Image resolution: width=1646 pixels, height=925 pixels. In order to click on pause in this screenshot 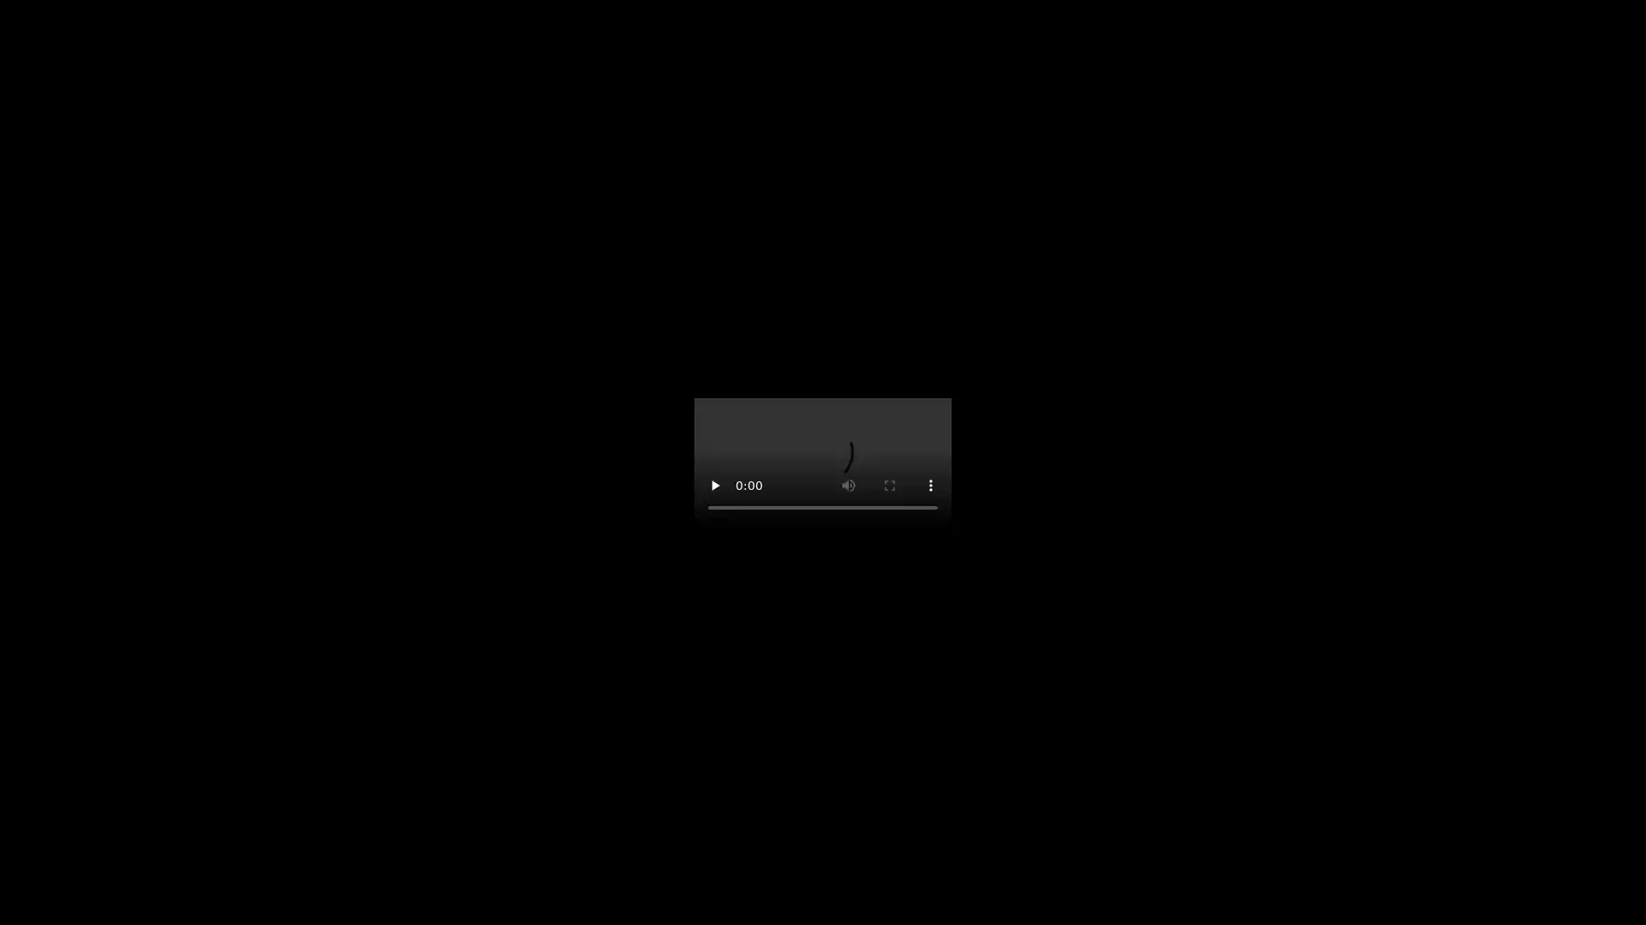, I will do `click(716, 502)`.